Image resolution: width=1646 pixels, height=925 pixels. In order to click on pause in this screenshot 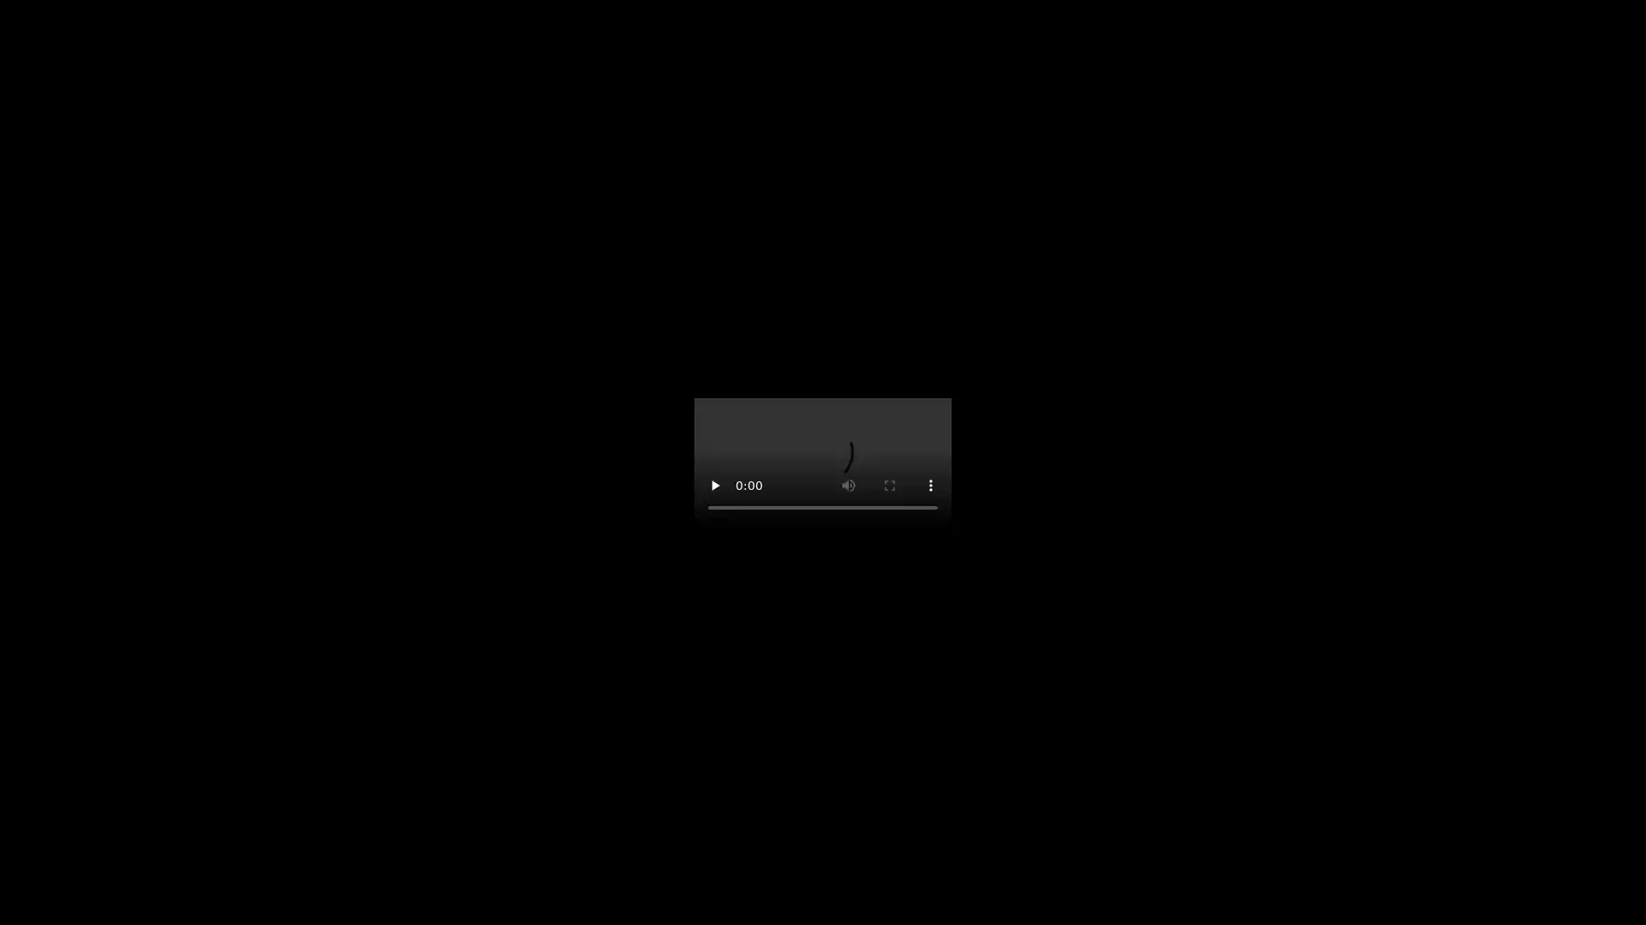, I will do `click(716, 502)`.